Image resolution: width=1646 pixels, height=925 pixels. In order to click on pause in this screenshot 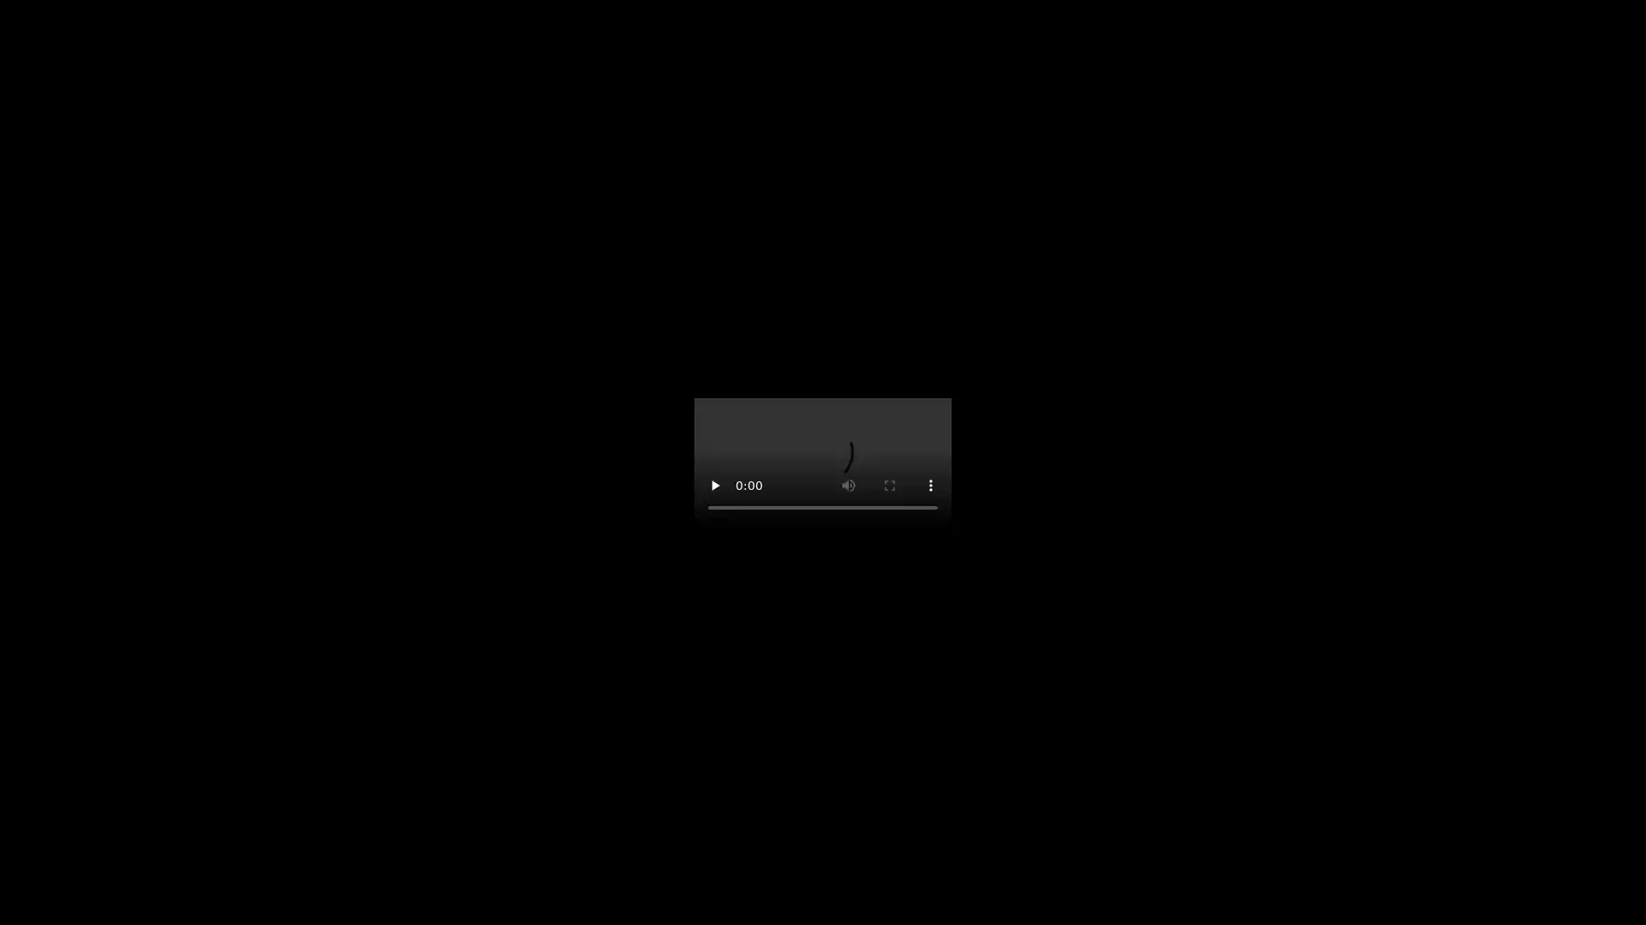, I will do `click(716, 502)`.